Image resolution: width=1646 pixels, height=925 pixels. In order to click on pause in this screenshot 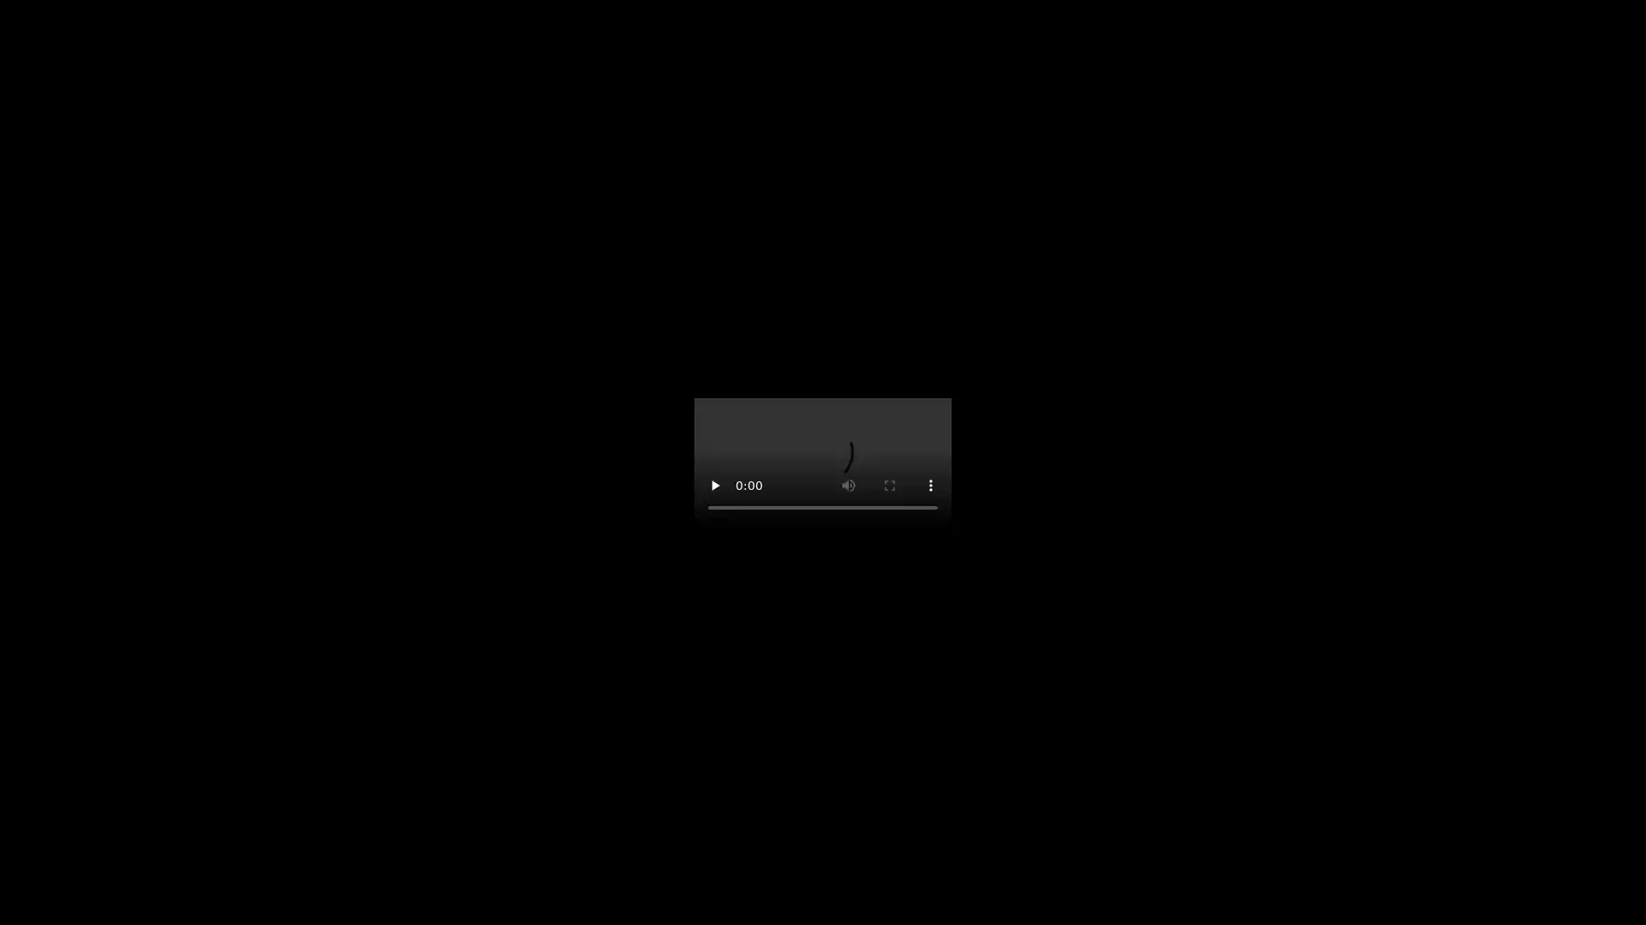, I will do `click(716, 502)`.